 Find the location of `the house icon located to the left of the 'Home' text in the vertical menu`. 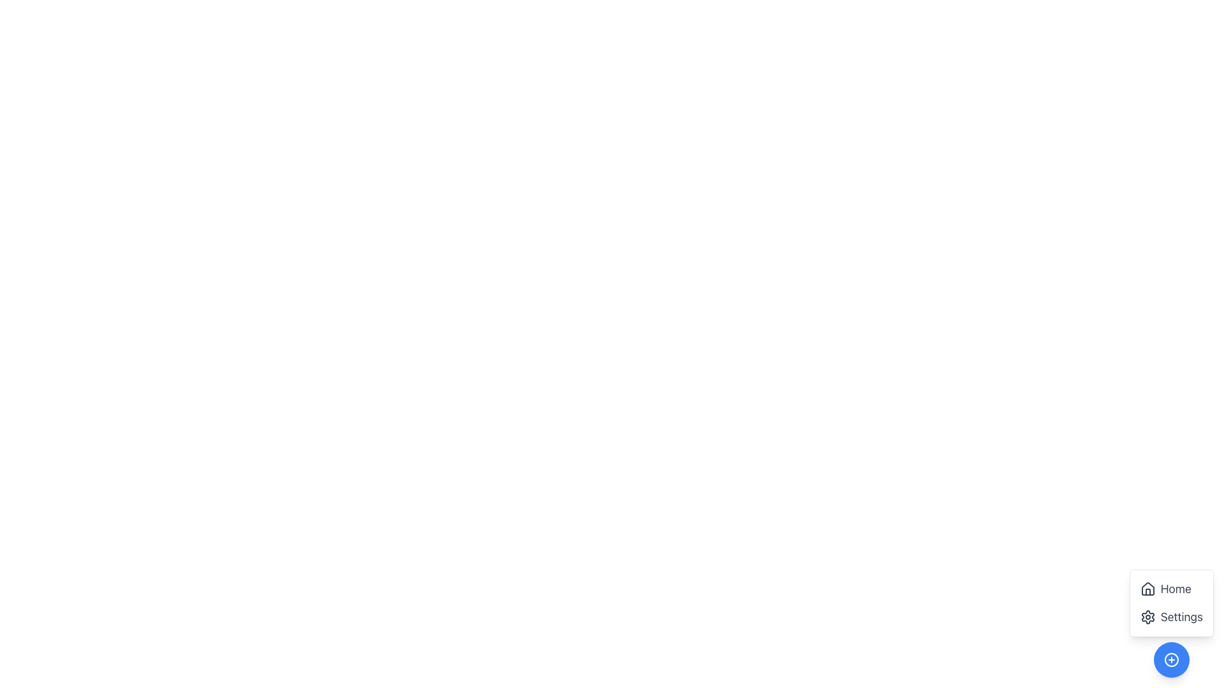

the house icon located to the left of the 'Home' text in the vertical menu is located at coordinates (1147, 589).